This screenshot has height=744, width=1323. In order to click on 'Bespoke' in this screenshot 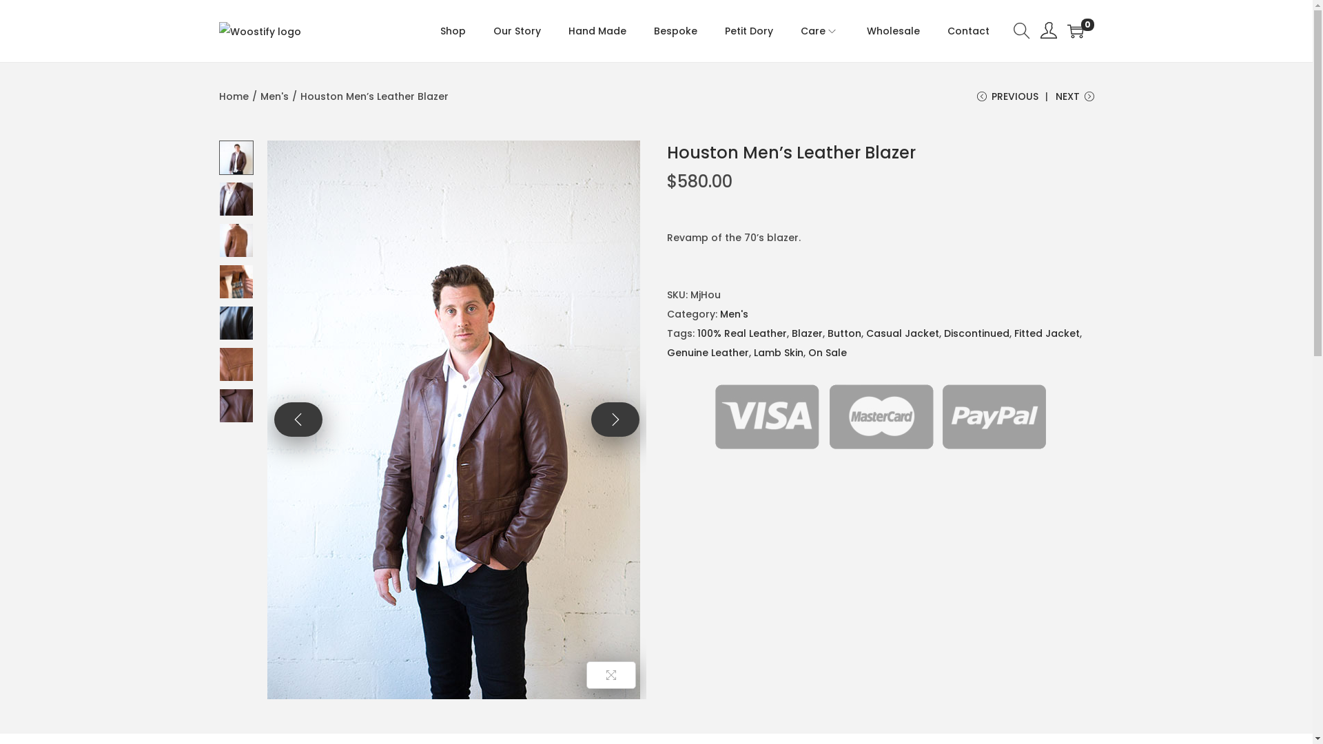, I will do `click(675, 31)`.